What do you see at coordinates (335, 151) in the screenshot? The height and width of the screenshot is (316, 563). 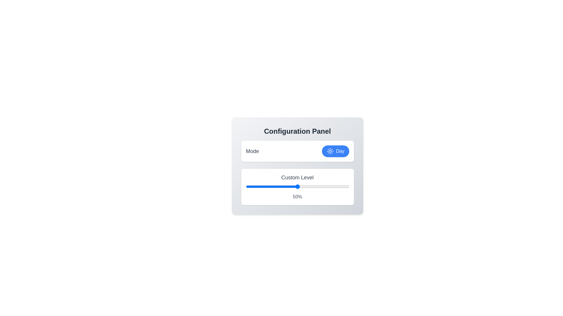 I see `the 'Day' button to toggle the mode` at bounding box center [335, 151].